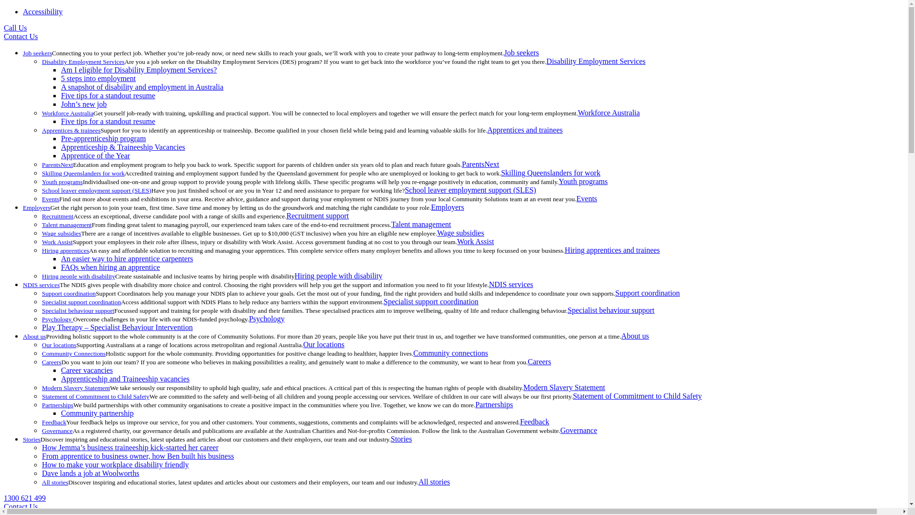 This screenshot has width=915, height=515. I want to click on 'ParentsNext', so click(480, 164).